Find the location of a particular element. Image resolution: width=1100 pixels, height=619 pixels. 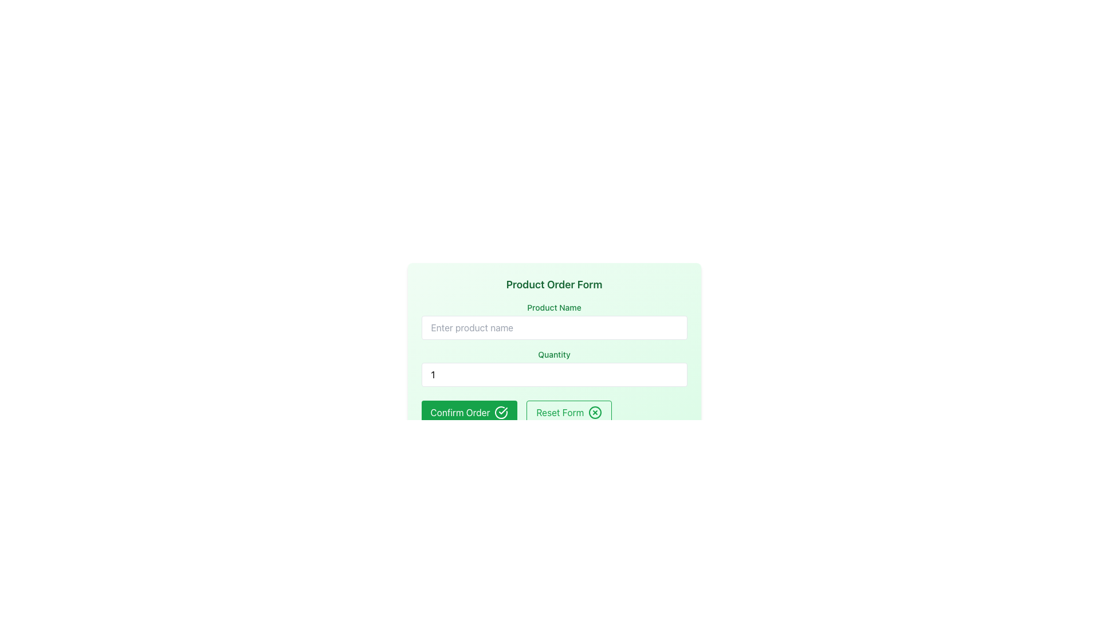

the circular icon representing the reset or cancel functionality associated with the 'Reset Form' button, located to the right of the button label is located at coordinates (595, 413).